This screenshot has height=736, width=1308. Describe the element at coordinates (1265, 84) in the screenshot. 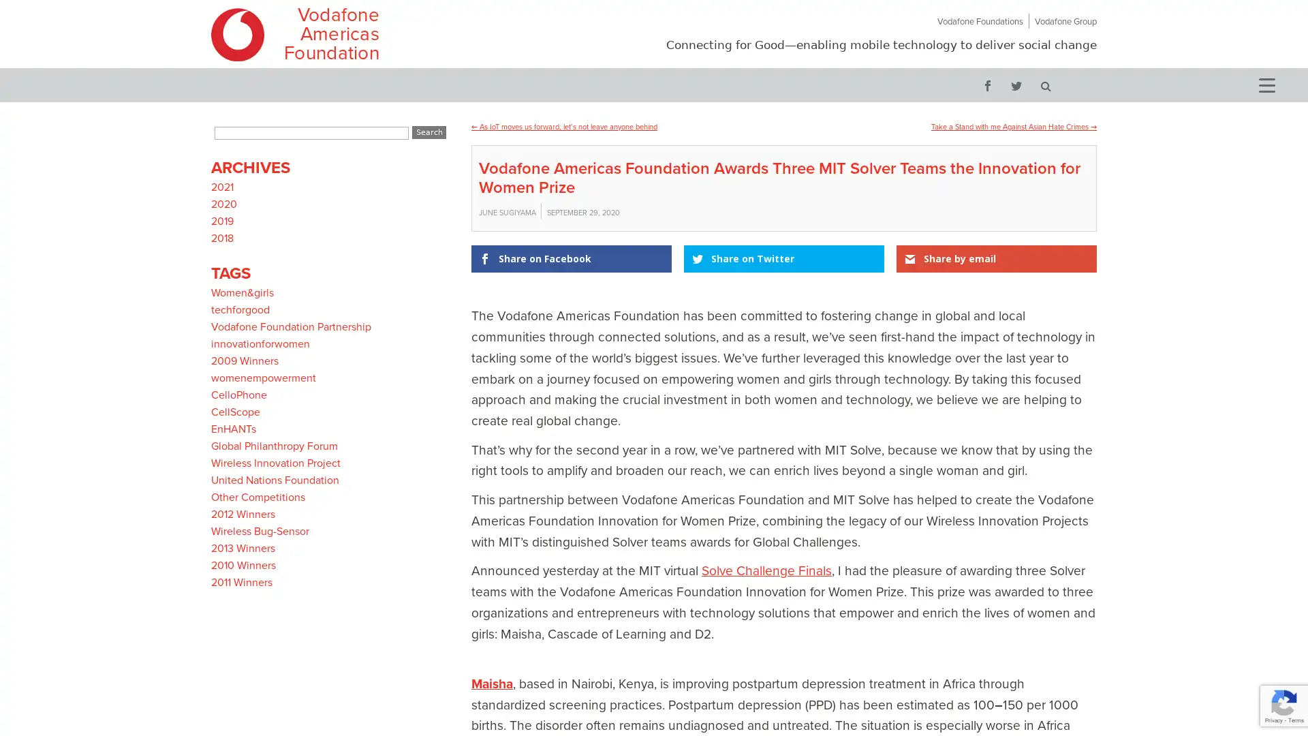

I see `Menu Trigger` at that location.